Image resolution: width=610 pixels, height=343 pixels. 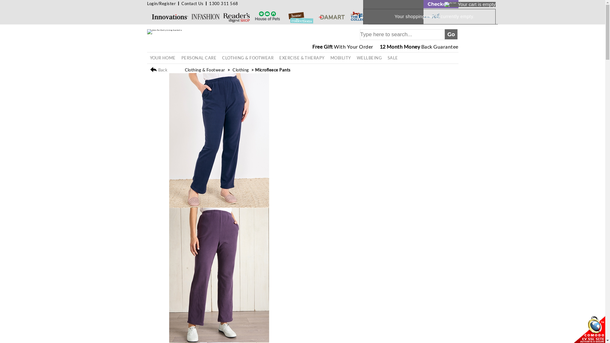 I want to click on 'Contact Us', so click(x=181, y=3).